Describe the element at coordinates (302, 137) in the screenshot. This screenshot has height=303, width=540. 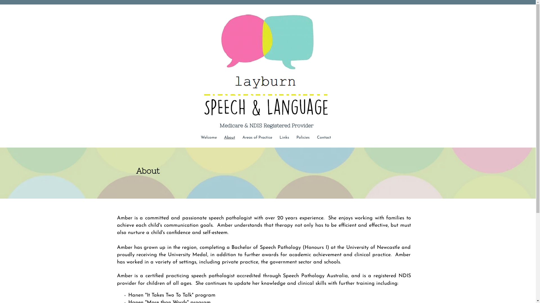
I see `'Policies'` at that location.